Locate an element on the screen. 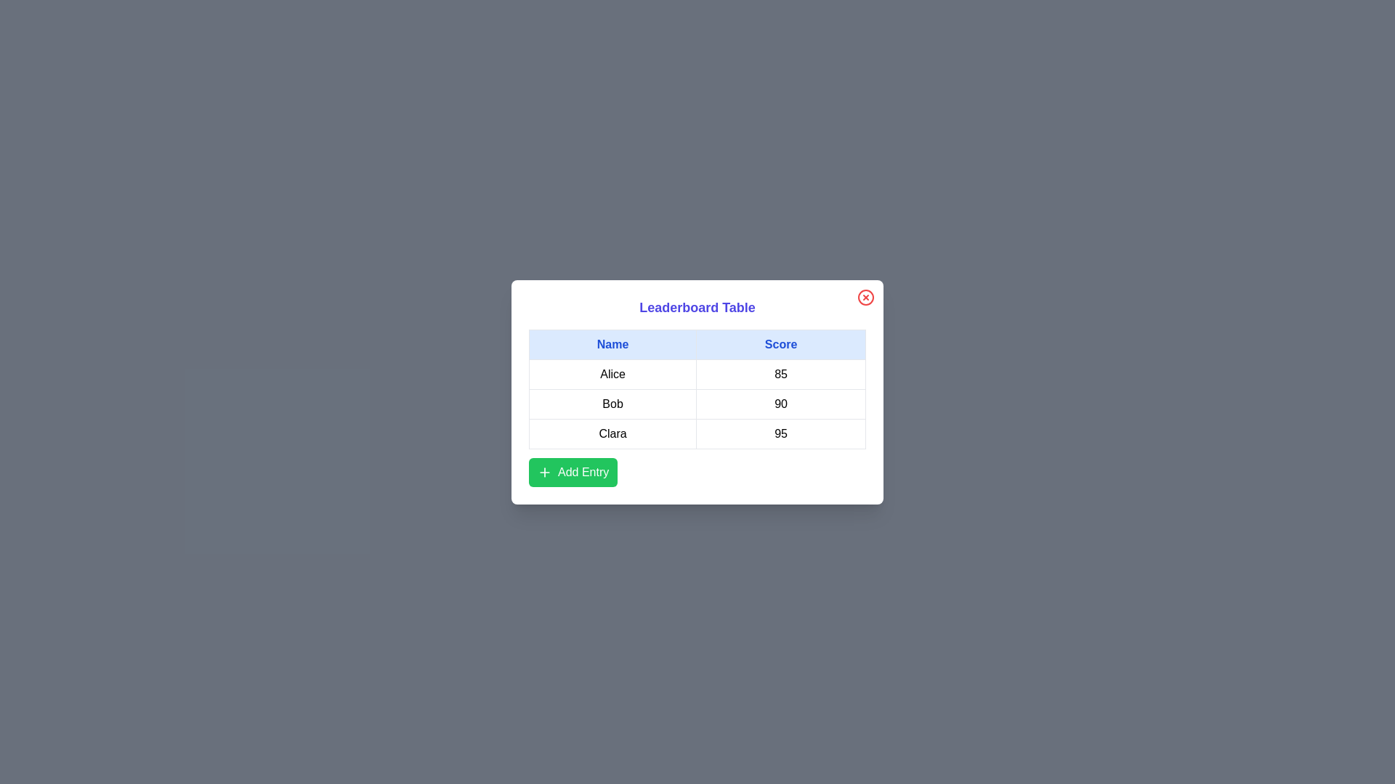 The height and width of the screenshot is (784, 1395). the table header Score to sort the table by that column is located at coordinates (780, 344).